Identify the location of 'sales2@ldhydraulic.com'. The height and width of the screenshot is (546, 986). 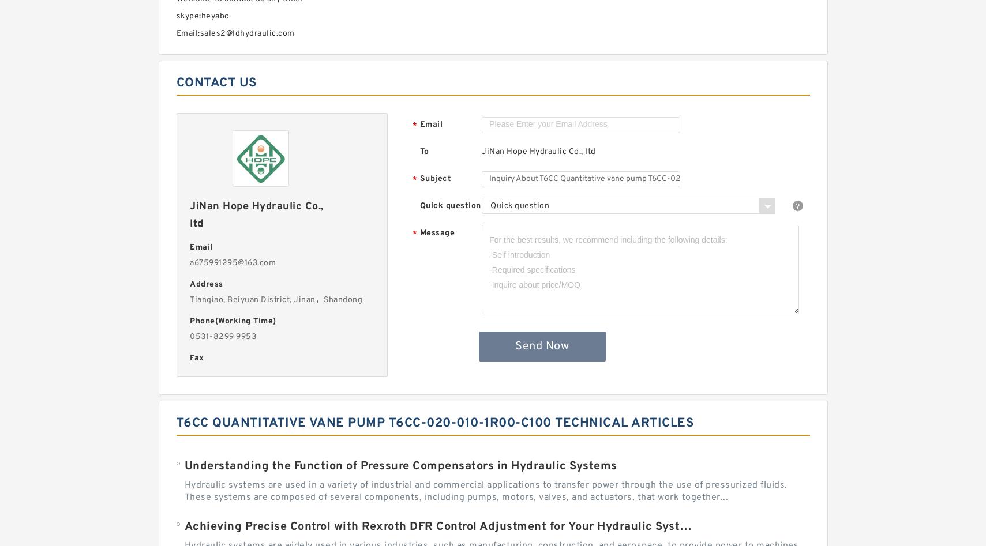
(246, 33).